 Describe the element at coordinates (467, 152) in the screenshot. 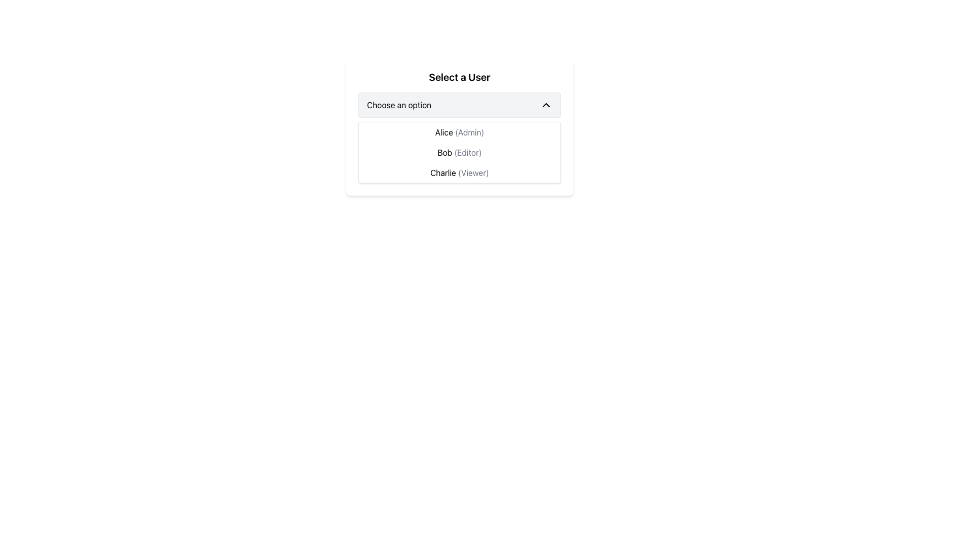

I see `the non-interactive text label that indicates 'Bob' as 'Editor', located in the vertical list under 'Select a User'` at that location.